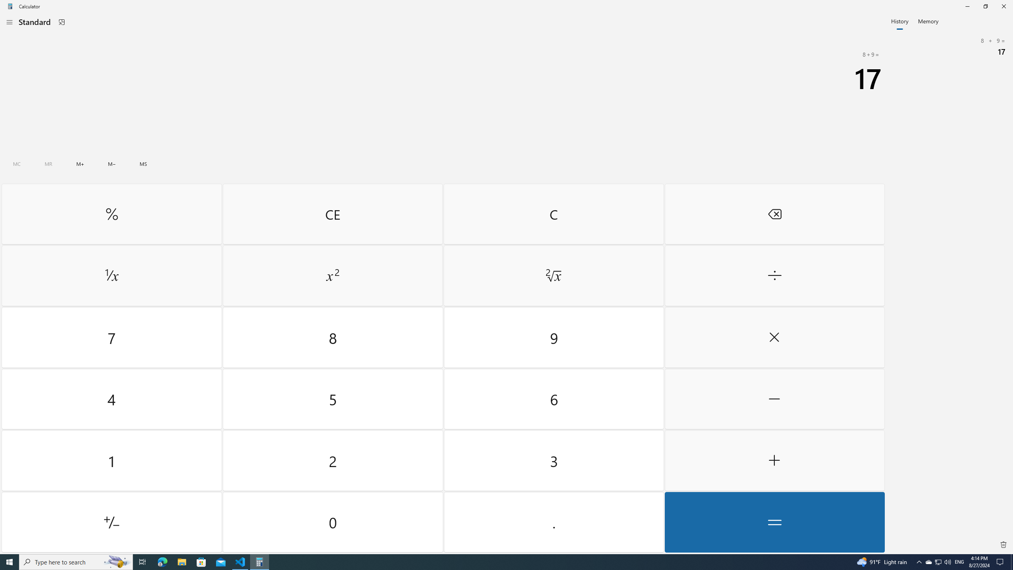  Describe the element at coordinates (900, 20) in the screenshot. I see `'History'` at that location.